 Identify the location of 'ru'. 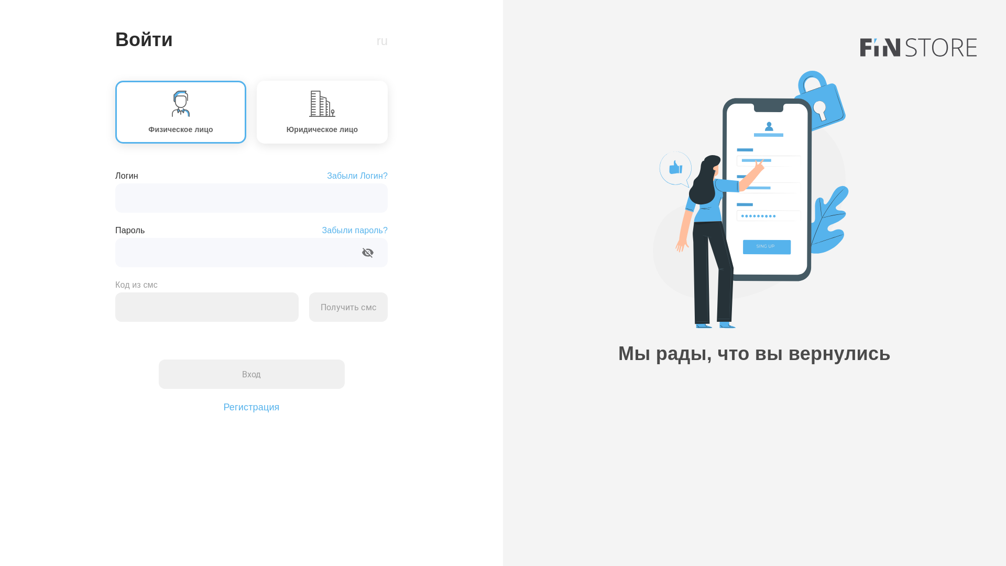
(381, 40).